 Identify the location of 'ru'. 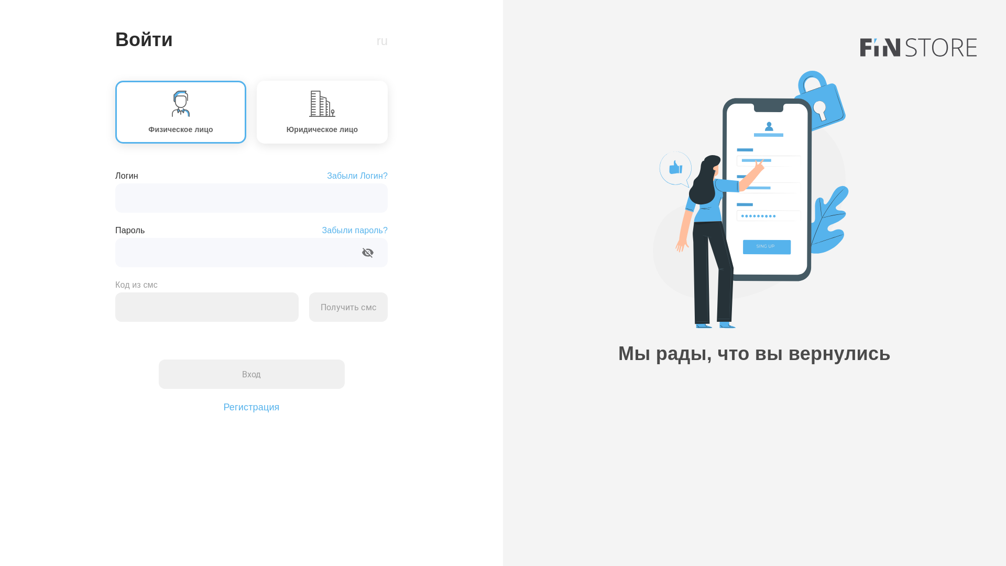
(381, 40).